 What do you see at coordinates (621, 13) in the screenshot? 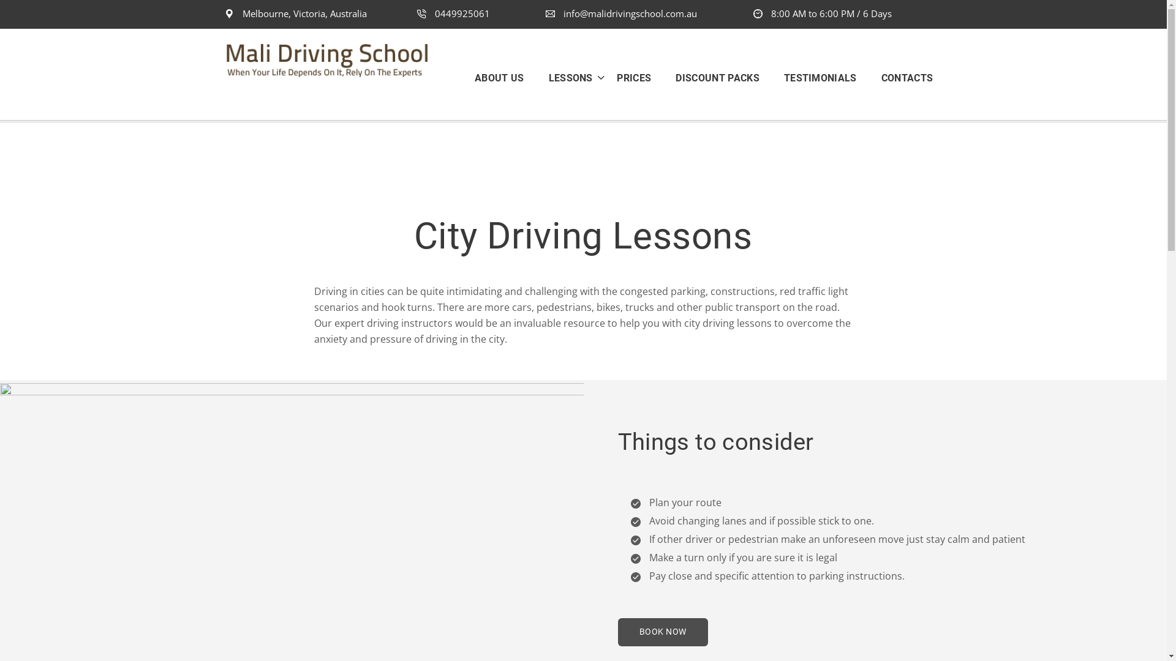
I see `'info@malidrivingschool.com.au'` at bounding box center [621, 13].